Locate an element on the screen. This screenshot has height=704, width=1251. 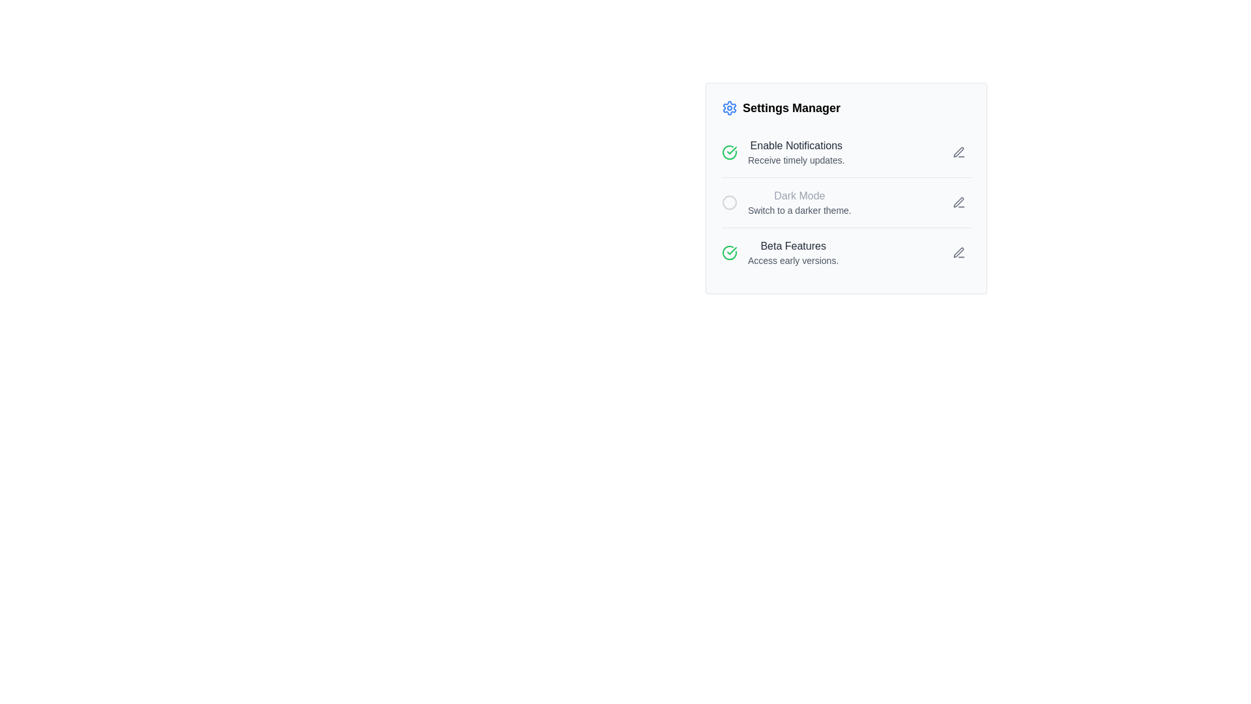
the pen icon located at the far right of the 'Enable Notifications' section to modify the notification settings is located at coordinates (959, 152).